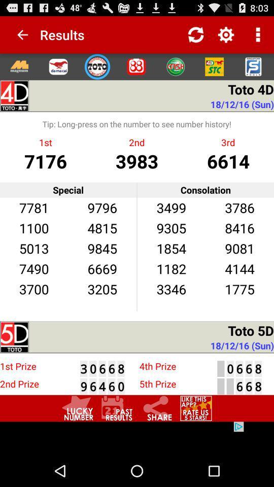 This screenshot has width=274, height=487. I want to click on refresh the results, so click(196, 34).